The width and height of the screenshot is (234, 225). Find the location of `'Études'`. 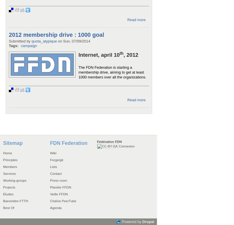

'Études' is located at coordinates (3, 193).